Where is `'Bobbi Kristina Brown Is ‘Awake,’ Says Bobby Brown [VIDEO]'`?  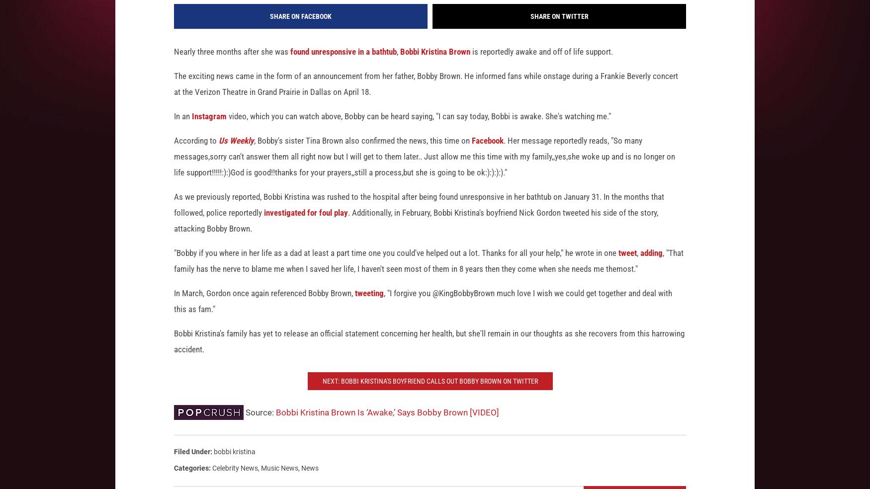 'Bobbi Kristina Brown Is ‘Awake,’ Says Bobby Brown [VIDEO]' is located at coordinates (387, 425).